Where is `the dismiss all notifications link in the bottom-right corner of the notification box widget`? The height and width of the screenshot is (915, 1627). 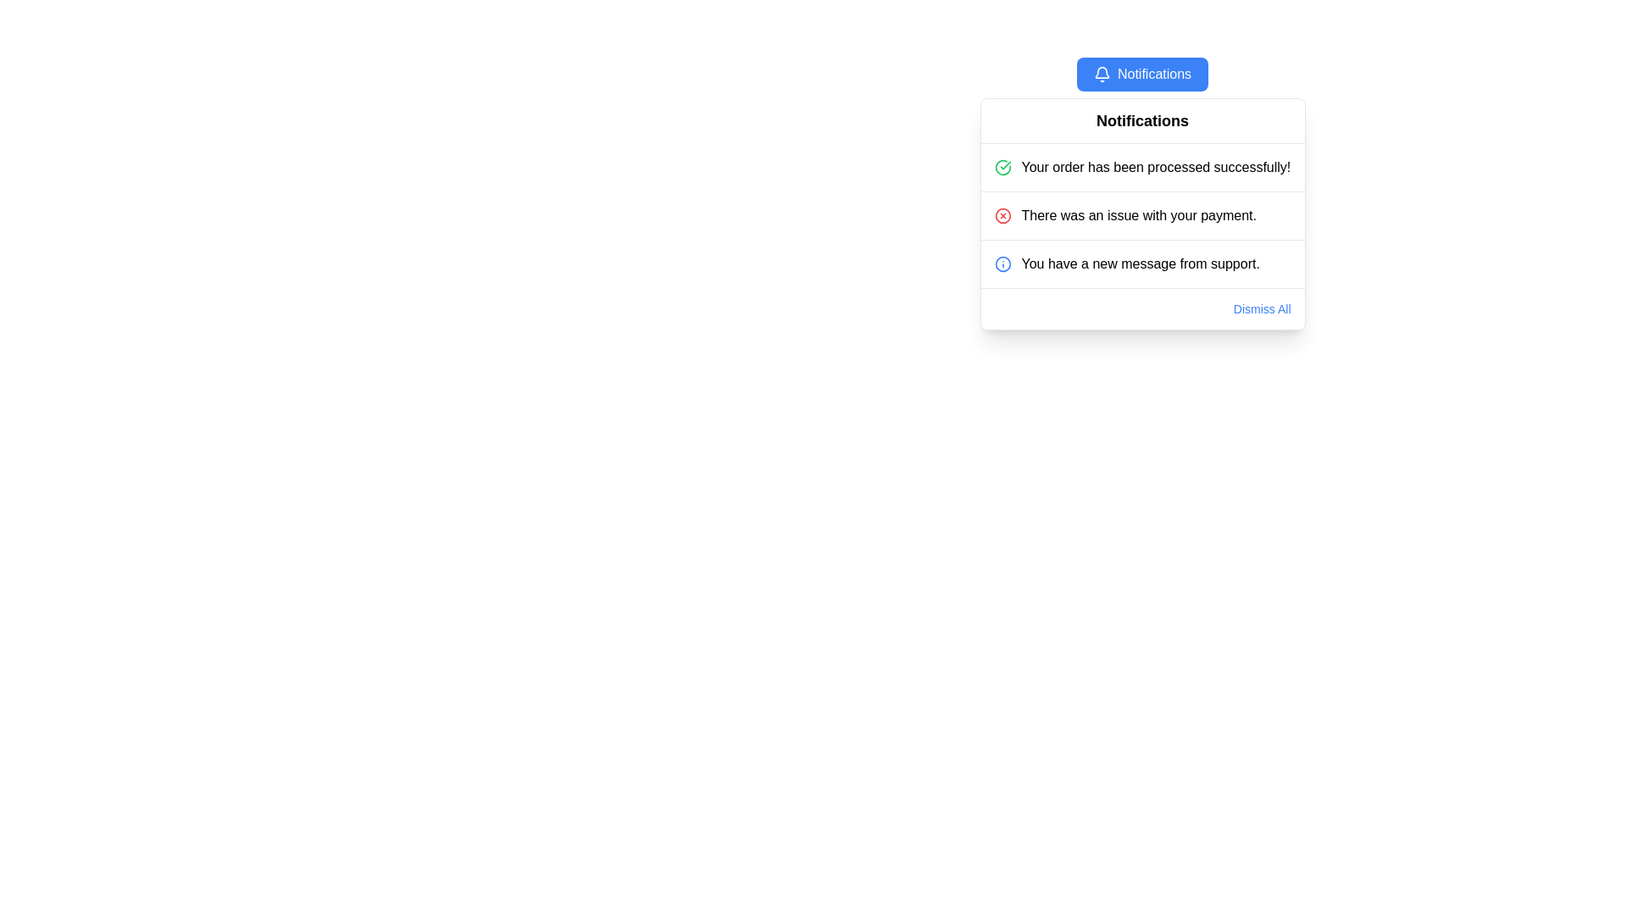 the dismiss all notifications link in the bottom-right corner of the notification box widget is located at coordinates (1262, 309).